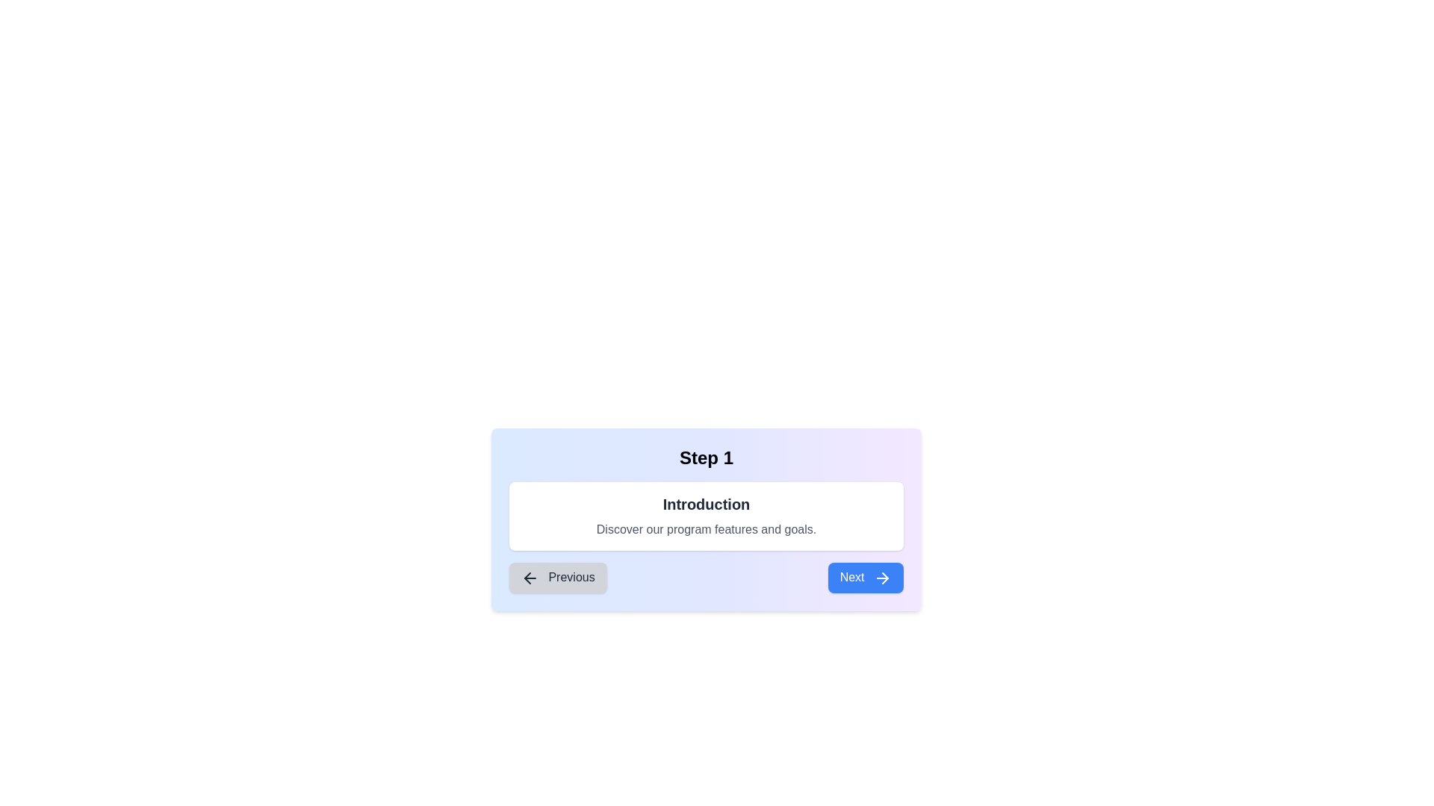  What do you see at coordinates (557, 577) in the screenshot?
I see `the 'Previous' button to navigate to the previous step` at bounding box center [557, 577].